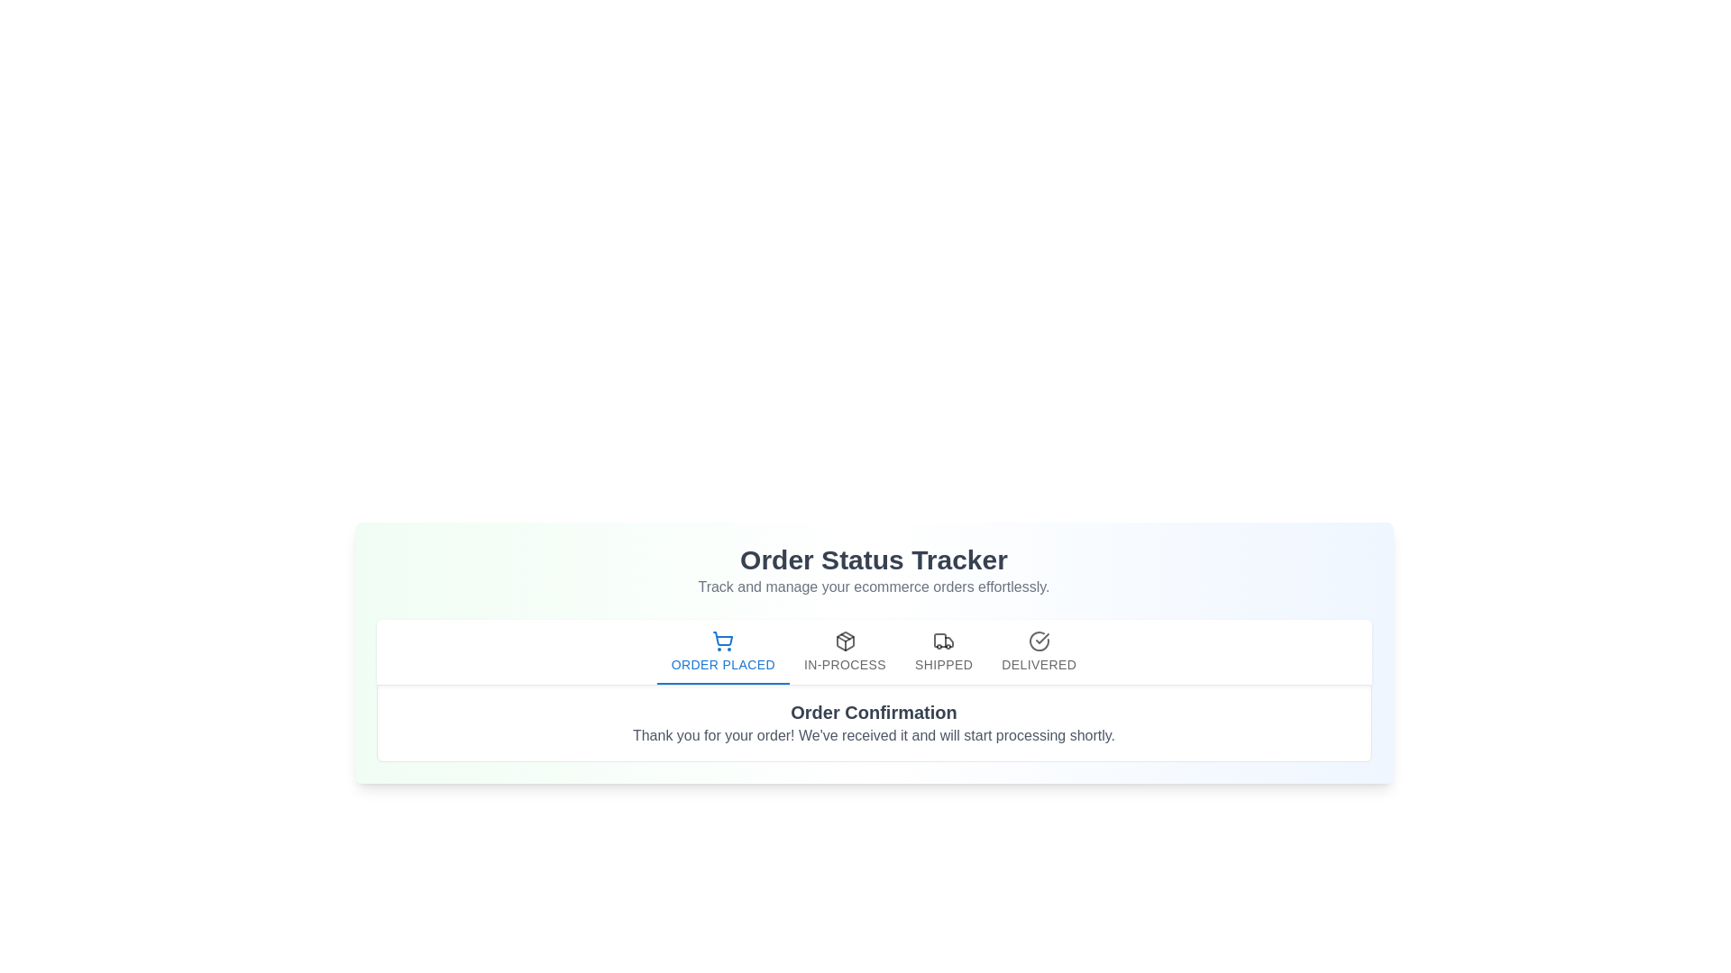 Image resolution: width=1731 pixels, height=973 pixels. Describe the element at coordinates (723, 641) in the screenshot. I see `the 'Order Placed' icon, which is the first step in the order status tracking process, indicating the status of the order` at that location.